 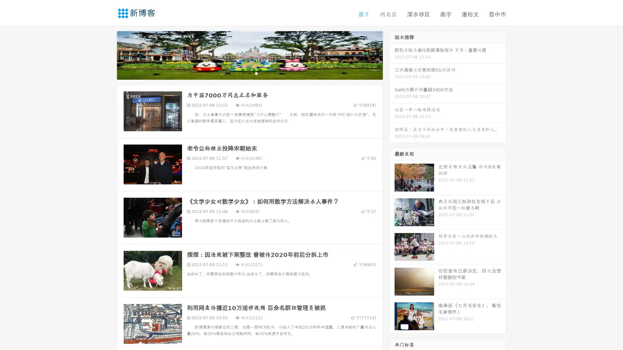 What do you see at coordinates (392, 54) in the screenshot?
I see `Next slide` at bounding box center [392, 54].